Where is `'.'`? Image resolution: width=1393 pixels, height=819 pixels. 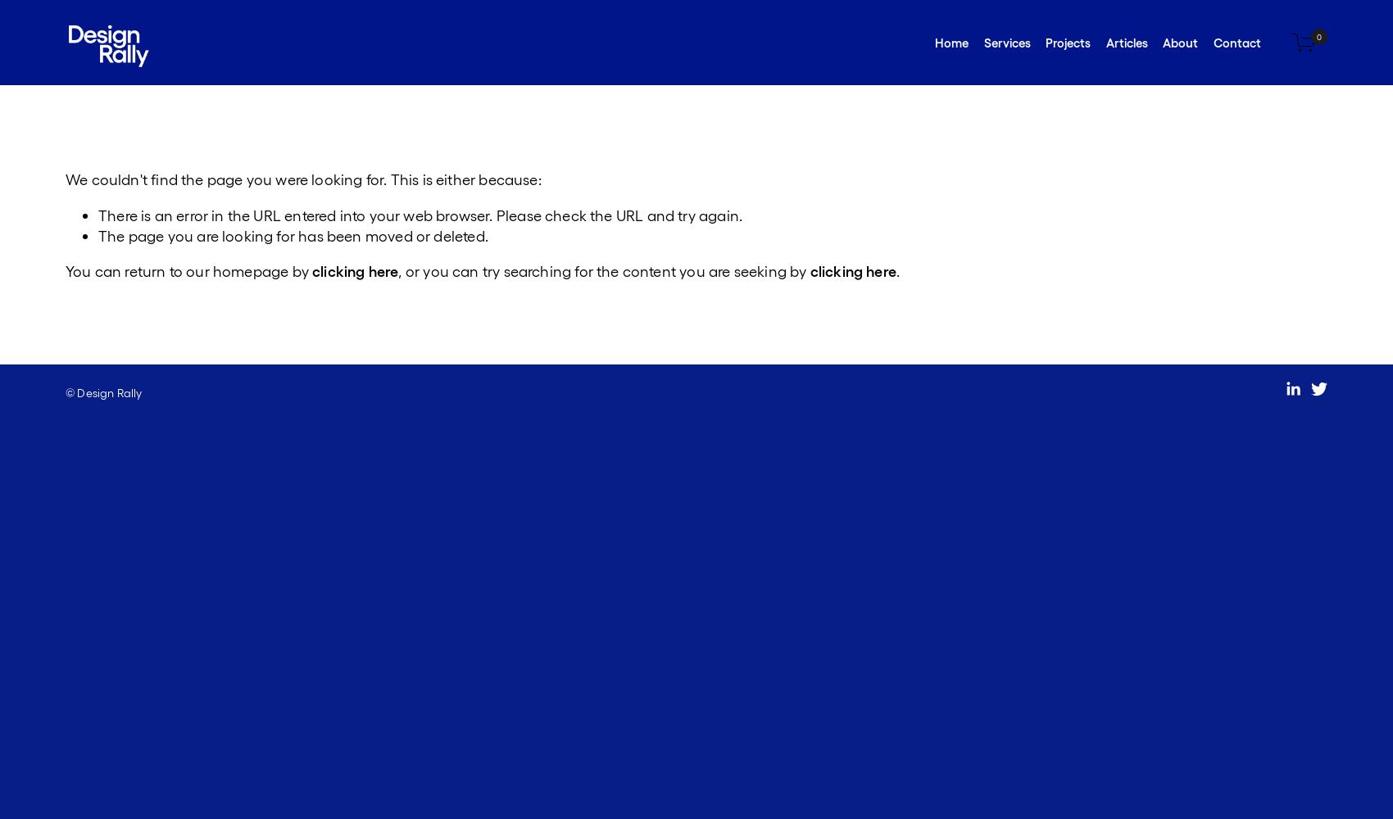
'.' is located at coordinates (897, 269).